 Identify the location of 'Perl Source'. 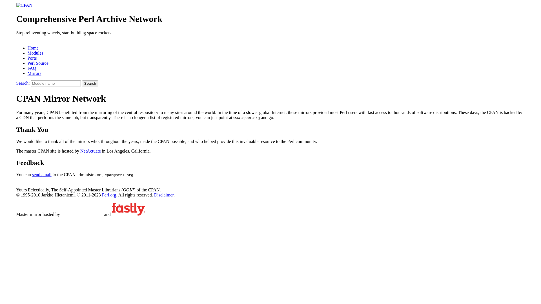
(37, 63).